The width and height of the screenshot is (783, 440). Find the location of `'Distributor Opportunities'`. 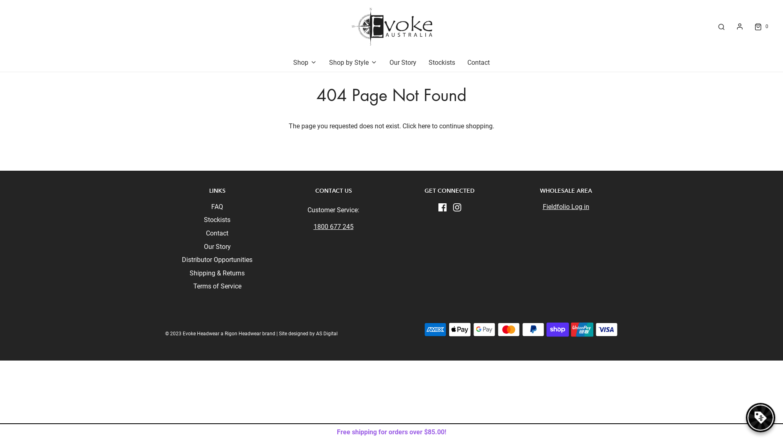

'Distributor Opportunities' is located at coordinates (181, 261).